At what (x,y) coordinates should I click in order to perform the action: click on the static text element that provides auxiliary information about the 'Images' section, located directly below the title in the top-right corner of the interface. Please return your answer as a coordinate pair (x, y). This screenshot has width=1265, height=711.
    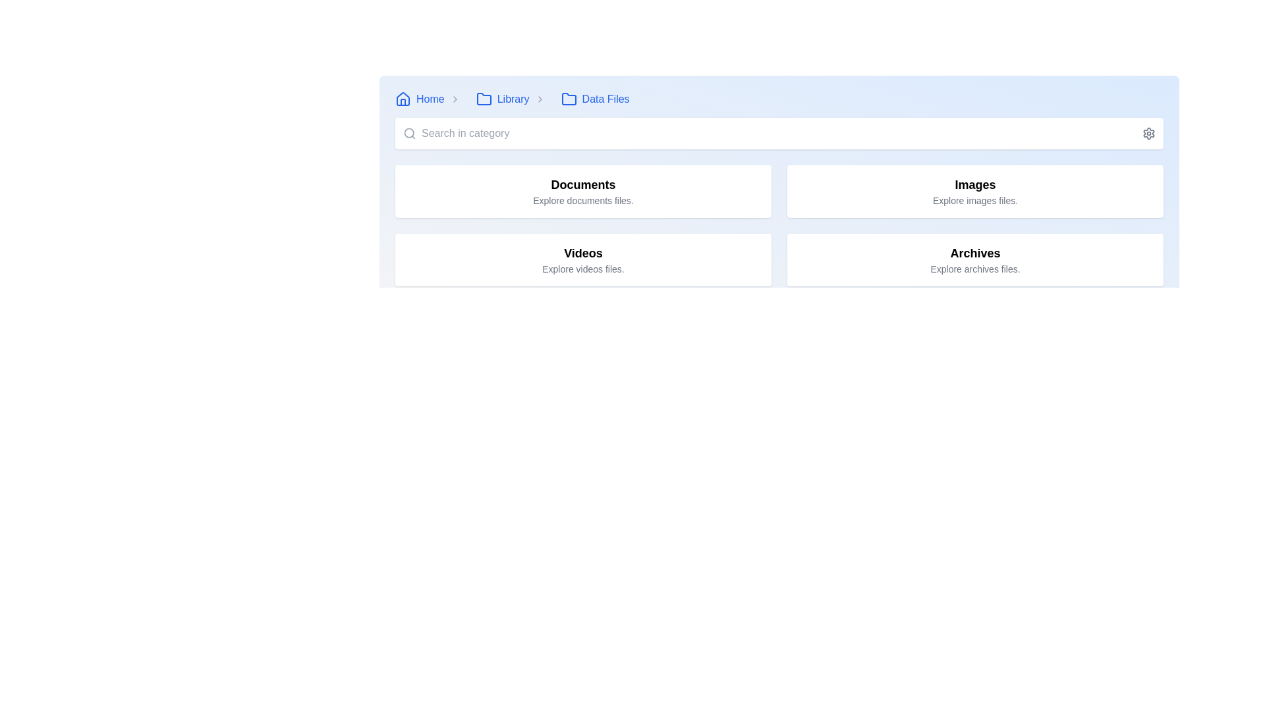
    Looking at the image, I should click on (975, 200).